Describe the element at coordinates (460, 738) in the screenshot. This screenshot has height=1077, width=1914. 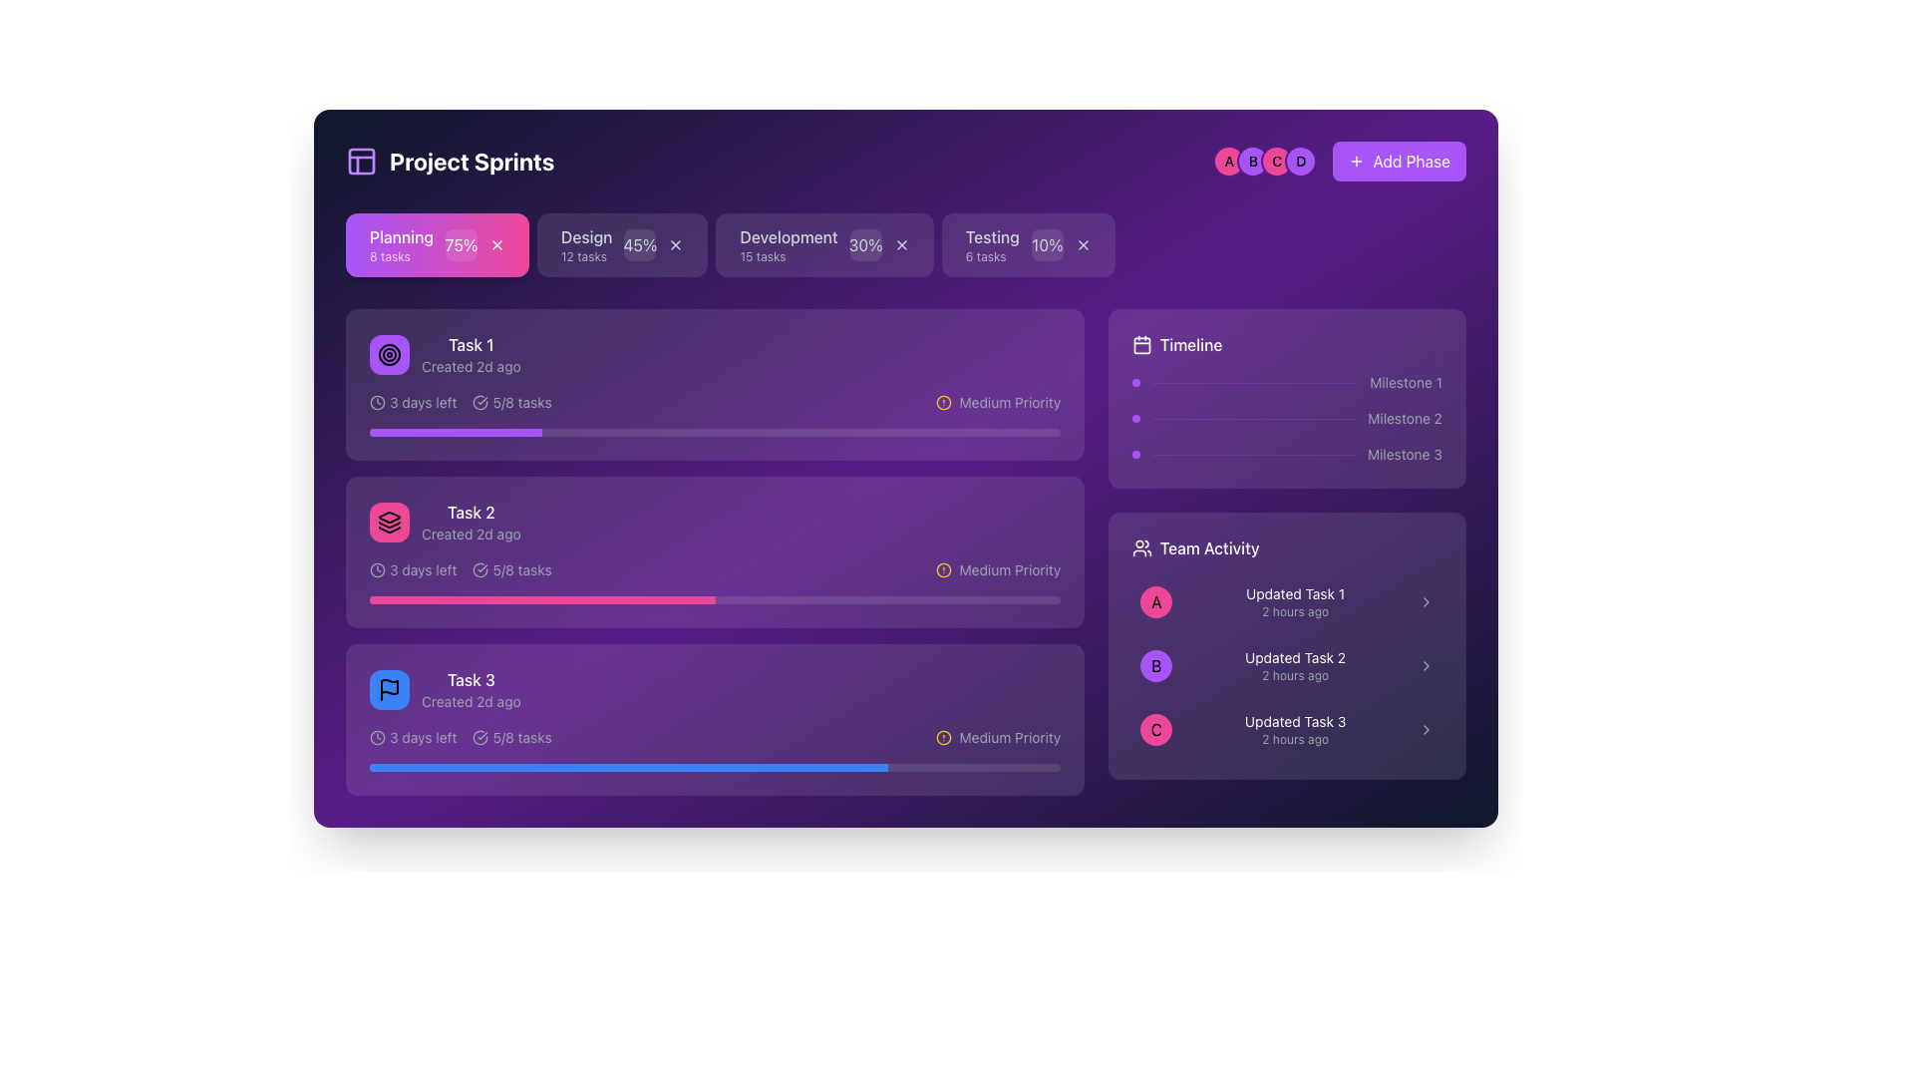
I see `displayed information from the text-based data display element showing remaining time and progress of tasks located below the 'Created 2d ago' text in the 'Task 3' card` at that location.